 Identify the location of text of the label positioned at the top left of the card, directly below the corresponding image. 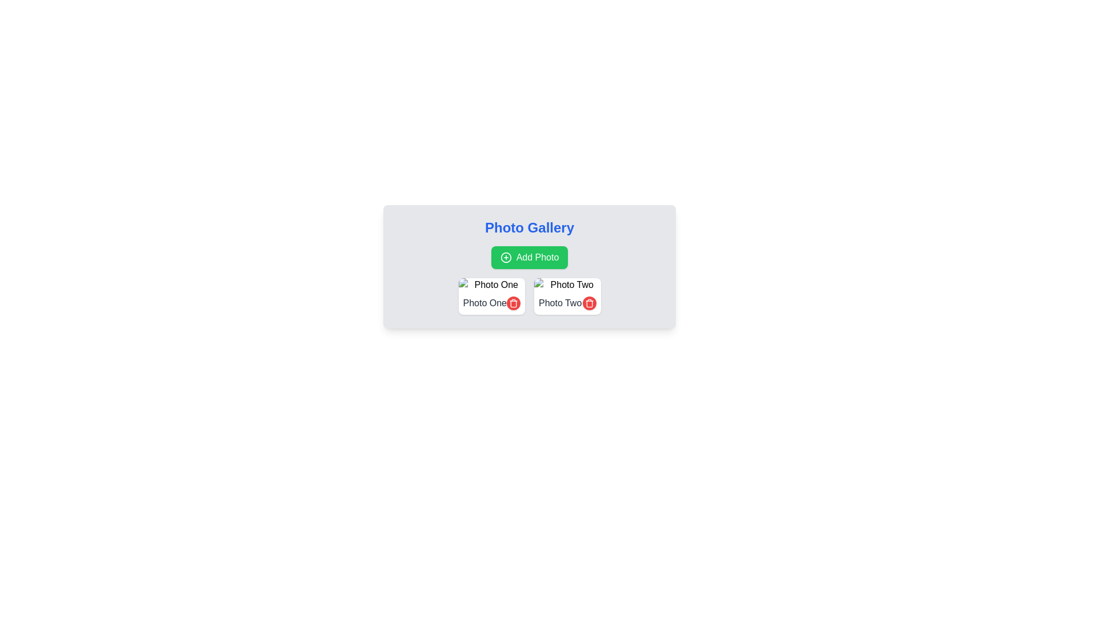
(491, 296).